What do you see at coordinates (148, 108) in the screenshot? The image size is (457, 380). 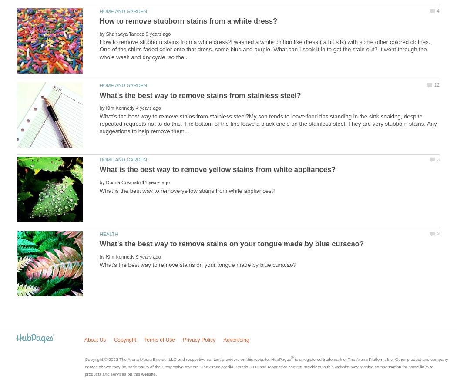 I see `'4 years ago'` at bounding box center [148, 108].